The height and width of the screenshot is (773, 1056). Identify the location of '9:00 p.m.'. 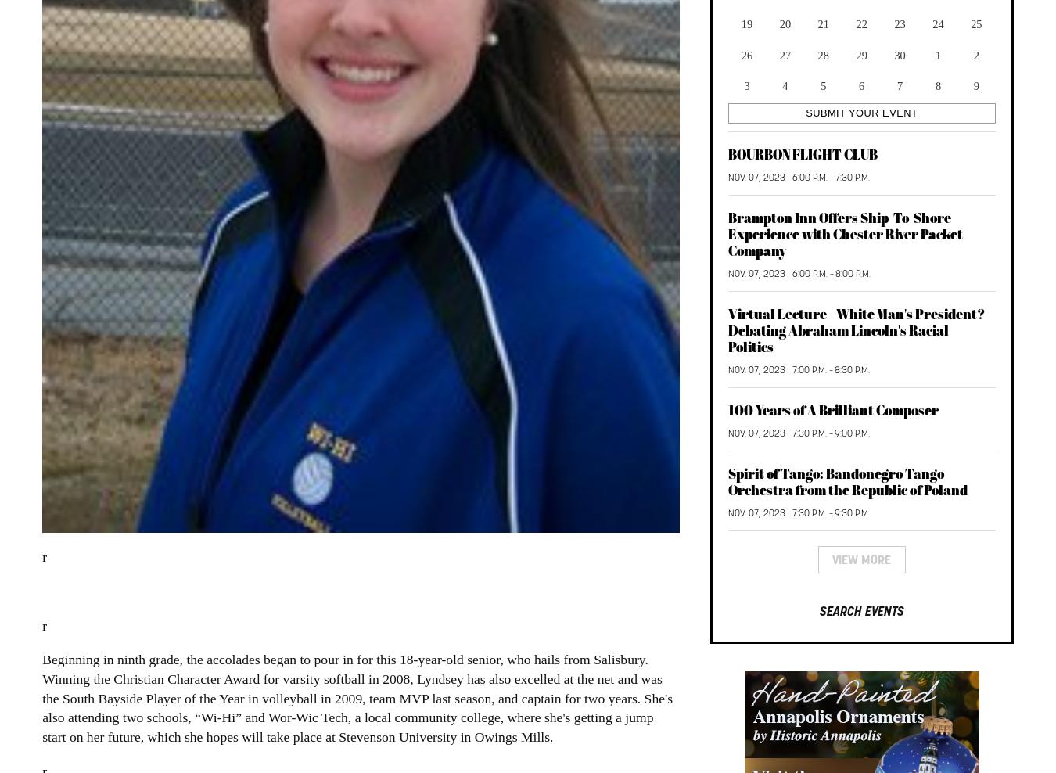
(851, 432).